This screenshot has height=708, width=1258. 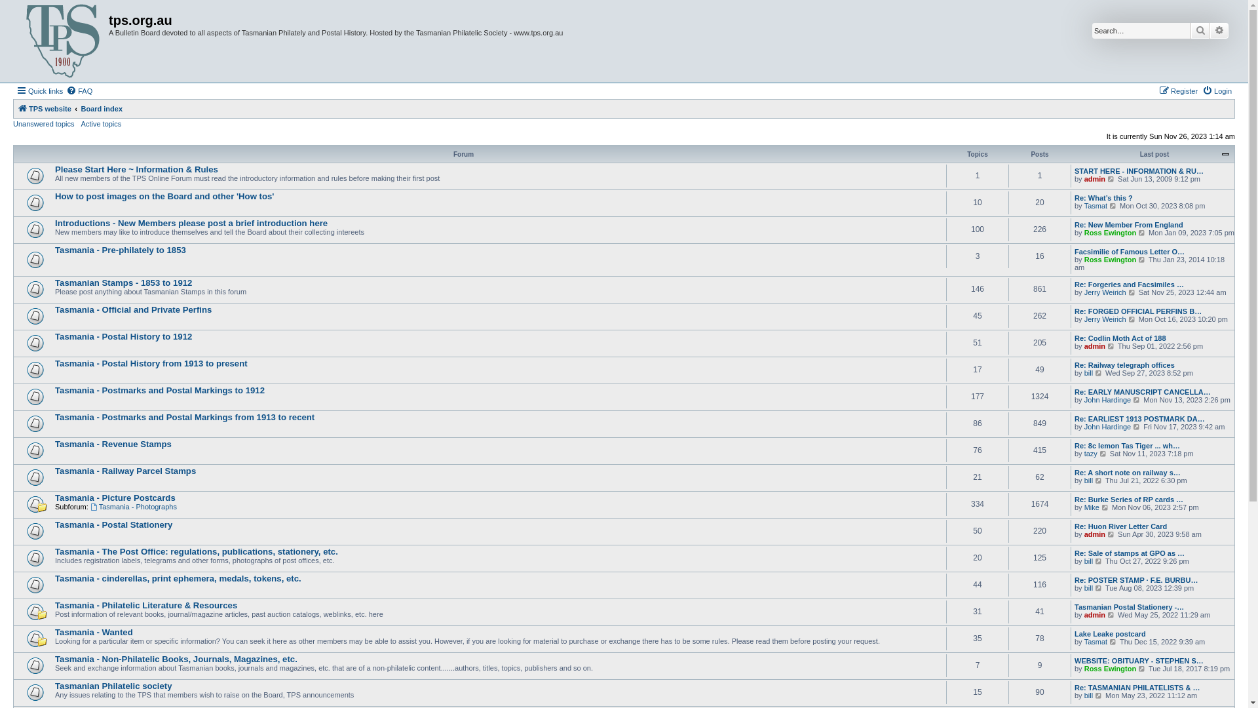 What do you see at coordinates (1099, 560) in the screenshot?
I see `'View the latest post'` at bounding box center [1099, 560].